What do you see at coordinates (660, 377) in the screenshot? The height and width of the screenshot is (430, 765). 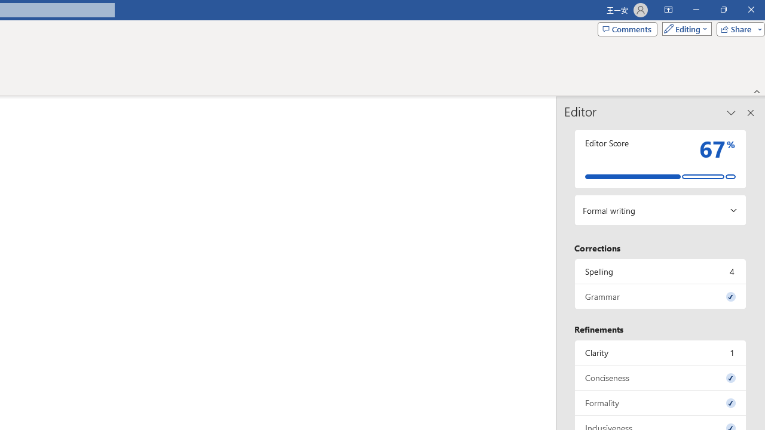 I see `'Conciseness, 0 issues. Press space or enter to review items.'` at bounding box center [660, 377].